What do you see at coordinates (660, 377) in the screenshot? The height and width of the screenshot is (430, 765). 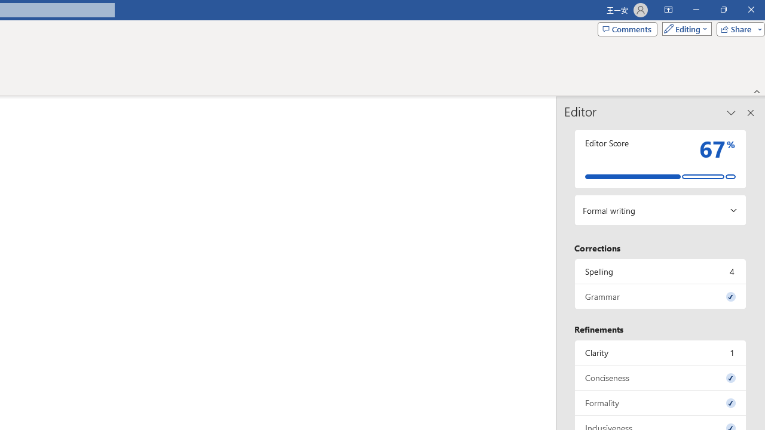 I see `'Conciseness, 0 issues. Press space or enter to review items.'` at bounding box center [660, 377].